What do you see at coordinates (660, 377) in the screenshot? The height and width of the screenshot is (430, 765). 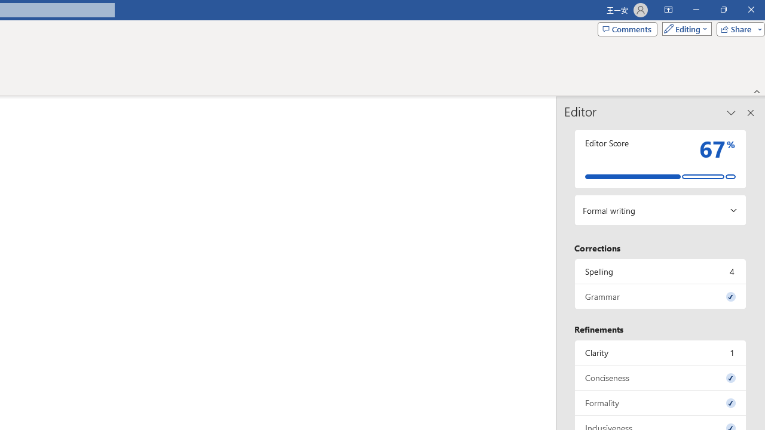 I see `'Conciseness, 0 issues. Press space or enter to review items.'` at bounding box center [660, 377].